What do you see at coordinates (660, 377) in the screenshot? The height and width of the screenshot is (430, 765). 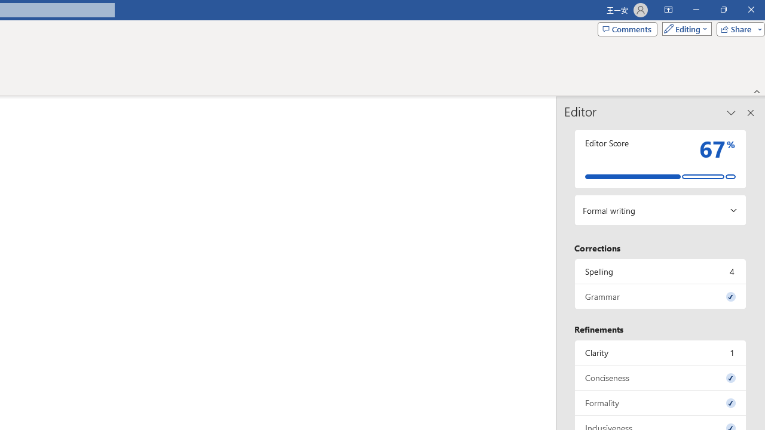 I see `'Conciseness, 0 issues. Press space or enter to review items.'` at bounding box center [660, 377].